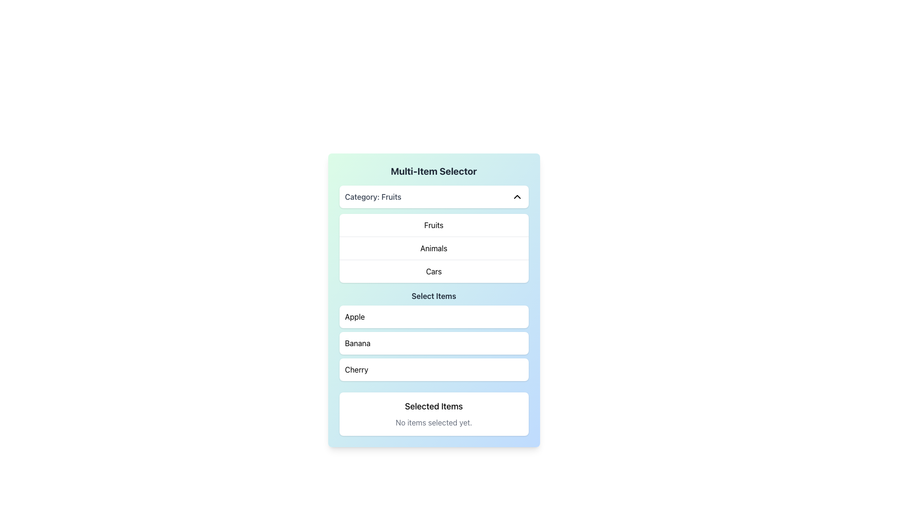  What do you see at coordinates (433, 422) in the screenshot?
I see `the text label stating 'No items selected yet.' which is displayed in medium gray color below the heading 'Selected Items'` at bounding box center [433, 422].